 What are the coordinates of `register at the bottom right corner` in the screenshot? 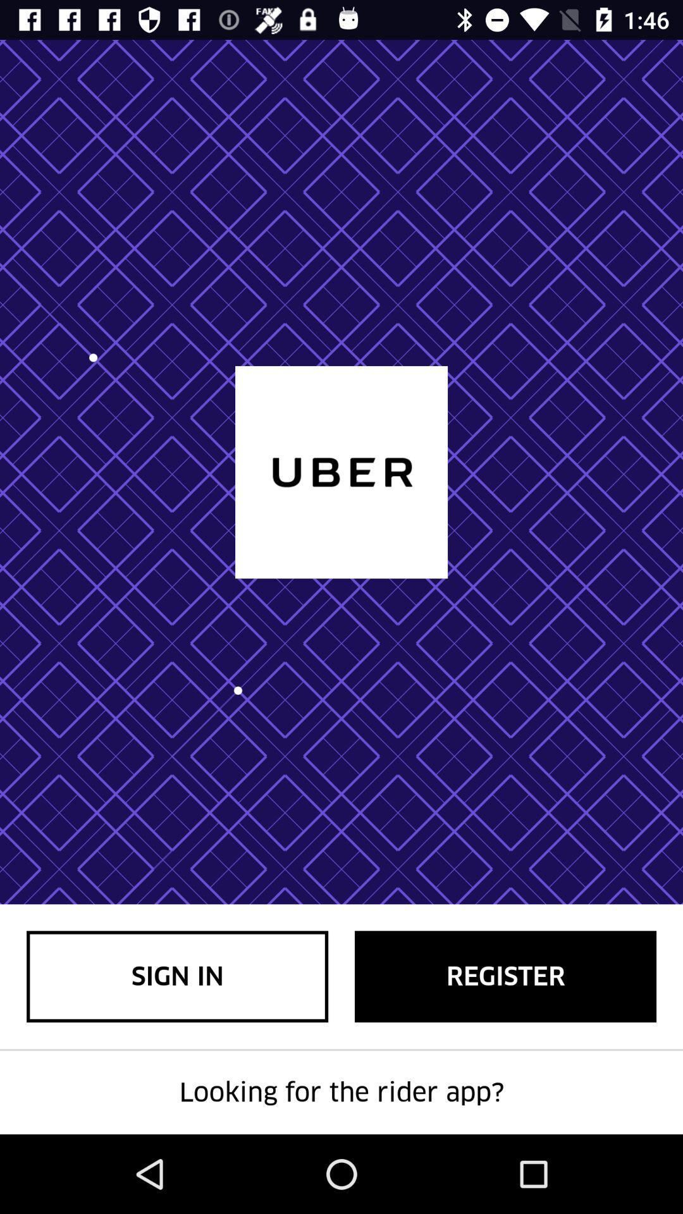 It's located at (505, 976).